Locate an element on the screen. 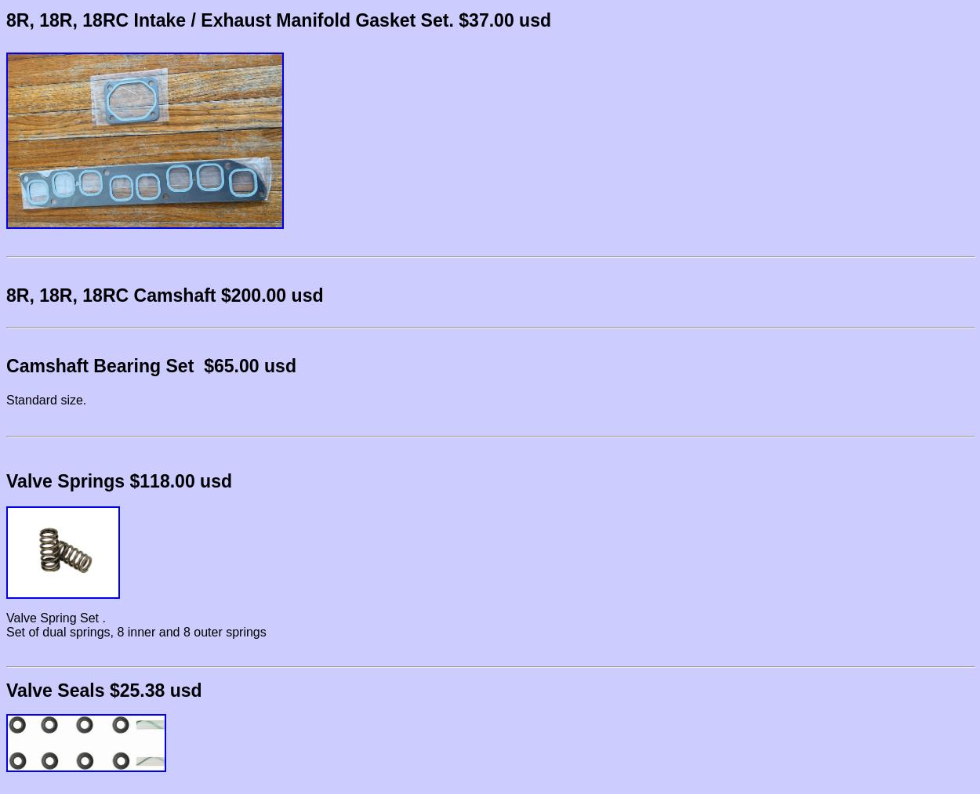 Image resolution: width=980 pixels, height=794 pixels. 'Camshaft Bearing Set  $' is located at coordinates (110, 364).